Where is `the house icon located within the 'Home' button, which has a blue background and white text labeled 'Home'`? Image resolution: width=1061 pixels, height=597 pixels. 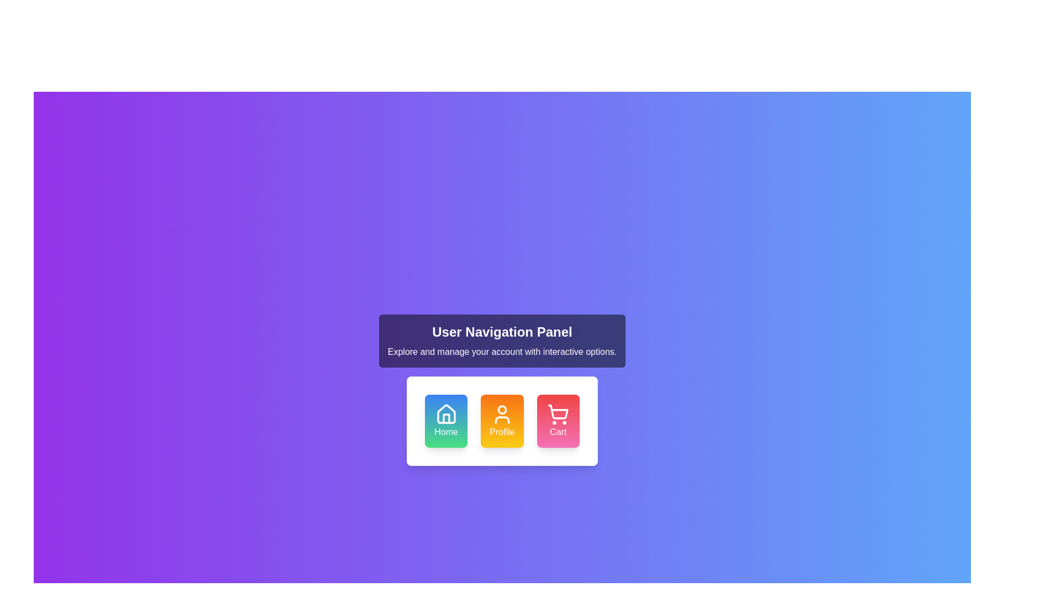
the house icon located within the 'Home' button, which has a blue background and white text labeled 'Home' is located at coordinates (446, 414).